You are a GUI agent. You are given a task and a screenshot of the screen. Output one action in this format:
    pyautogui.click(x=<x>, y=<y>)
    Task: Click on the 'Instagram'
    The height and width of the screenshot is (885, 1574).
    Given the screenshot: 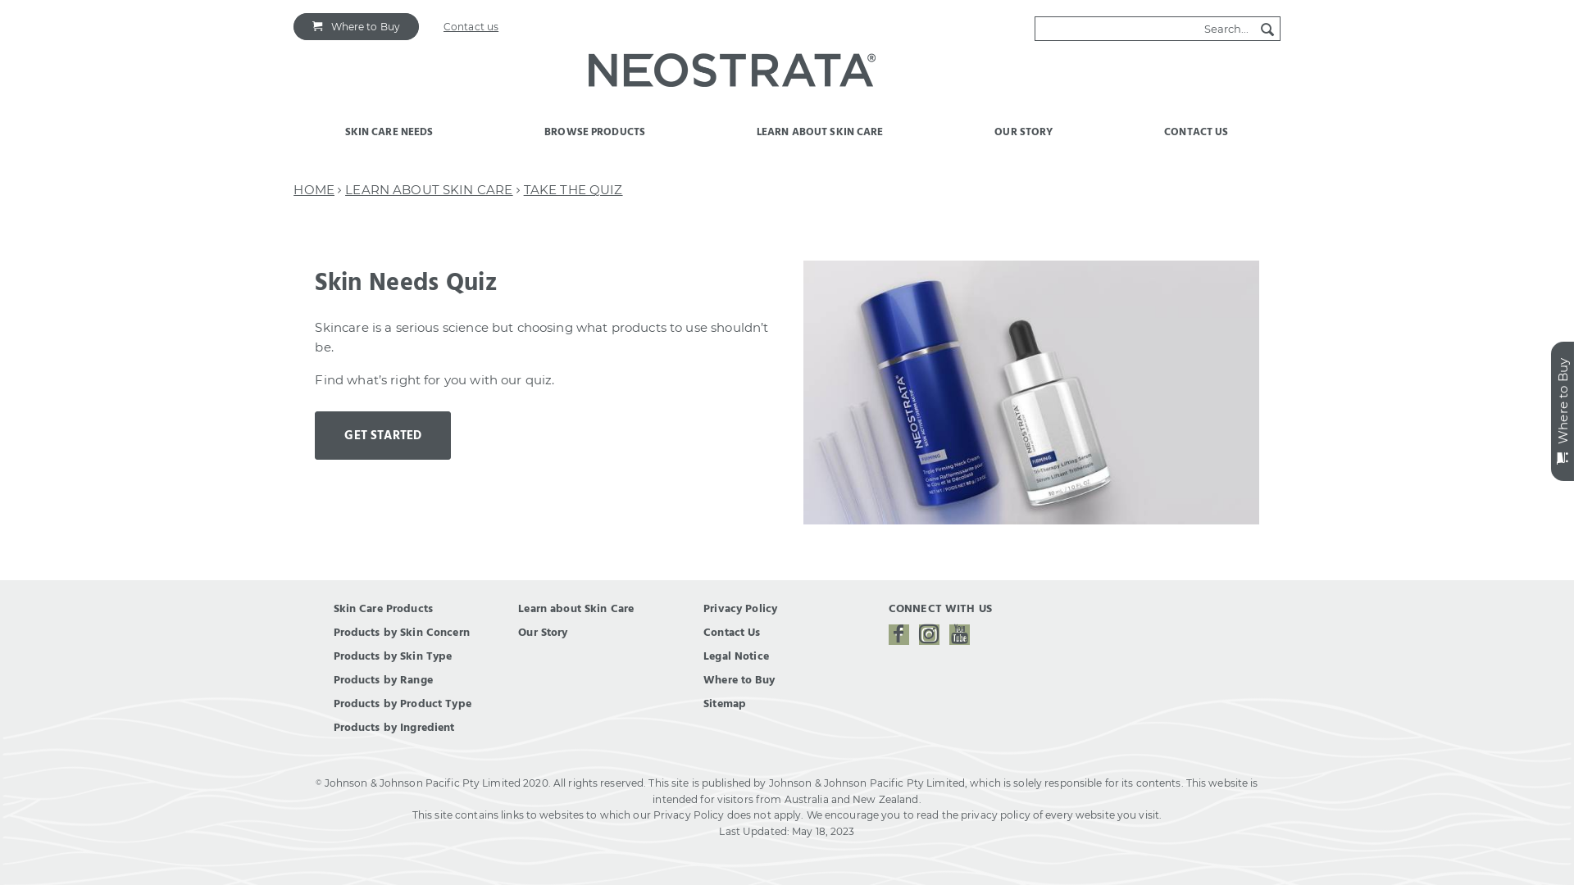 What is the action you would take?
    pyautogui.click(x=929, y=633)
    